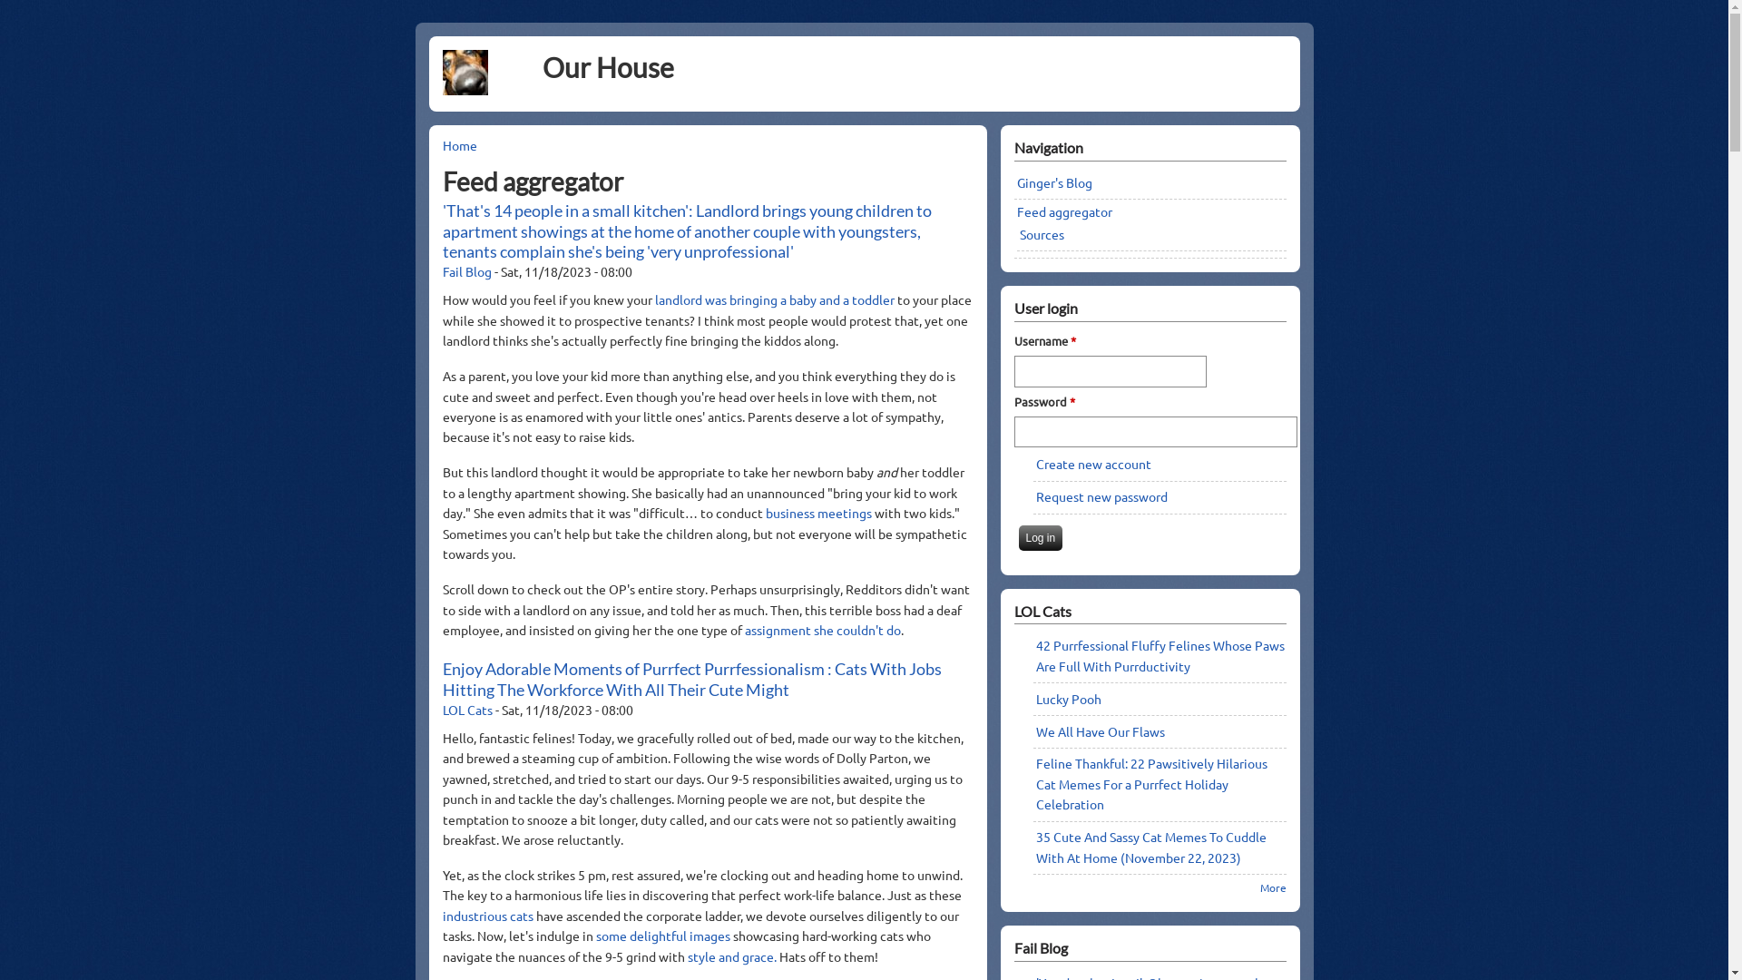 Image resolution: width=1742 pixels, height=980 pixels. I want to click on 'Log in', so click(1040, 537).